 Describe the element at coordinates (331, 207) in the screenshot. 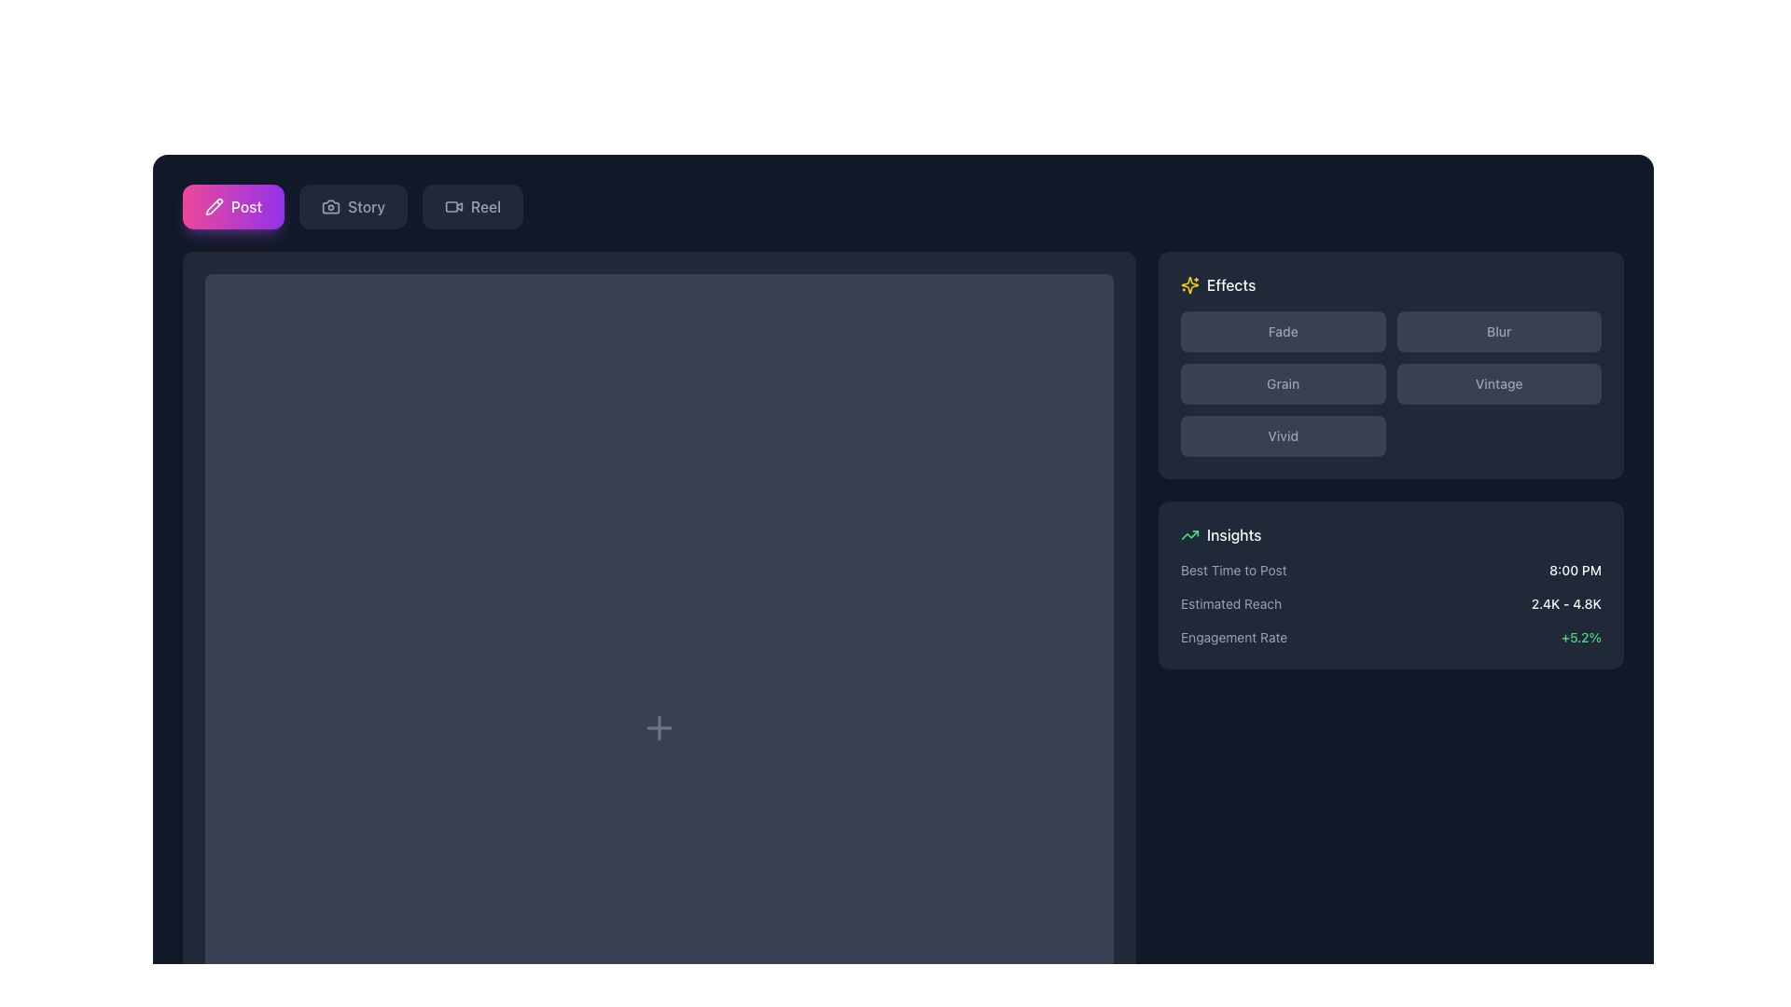

I see `the camera icon button located between the 'Post' and 'Reel' icons` at that location.